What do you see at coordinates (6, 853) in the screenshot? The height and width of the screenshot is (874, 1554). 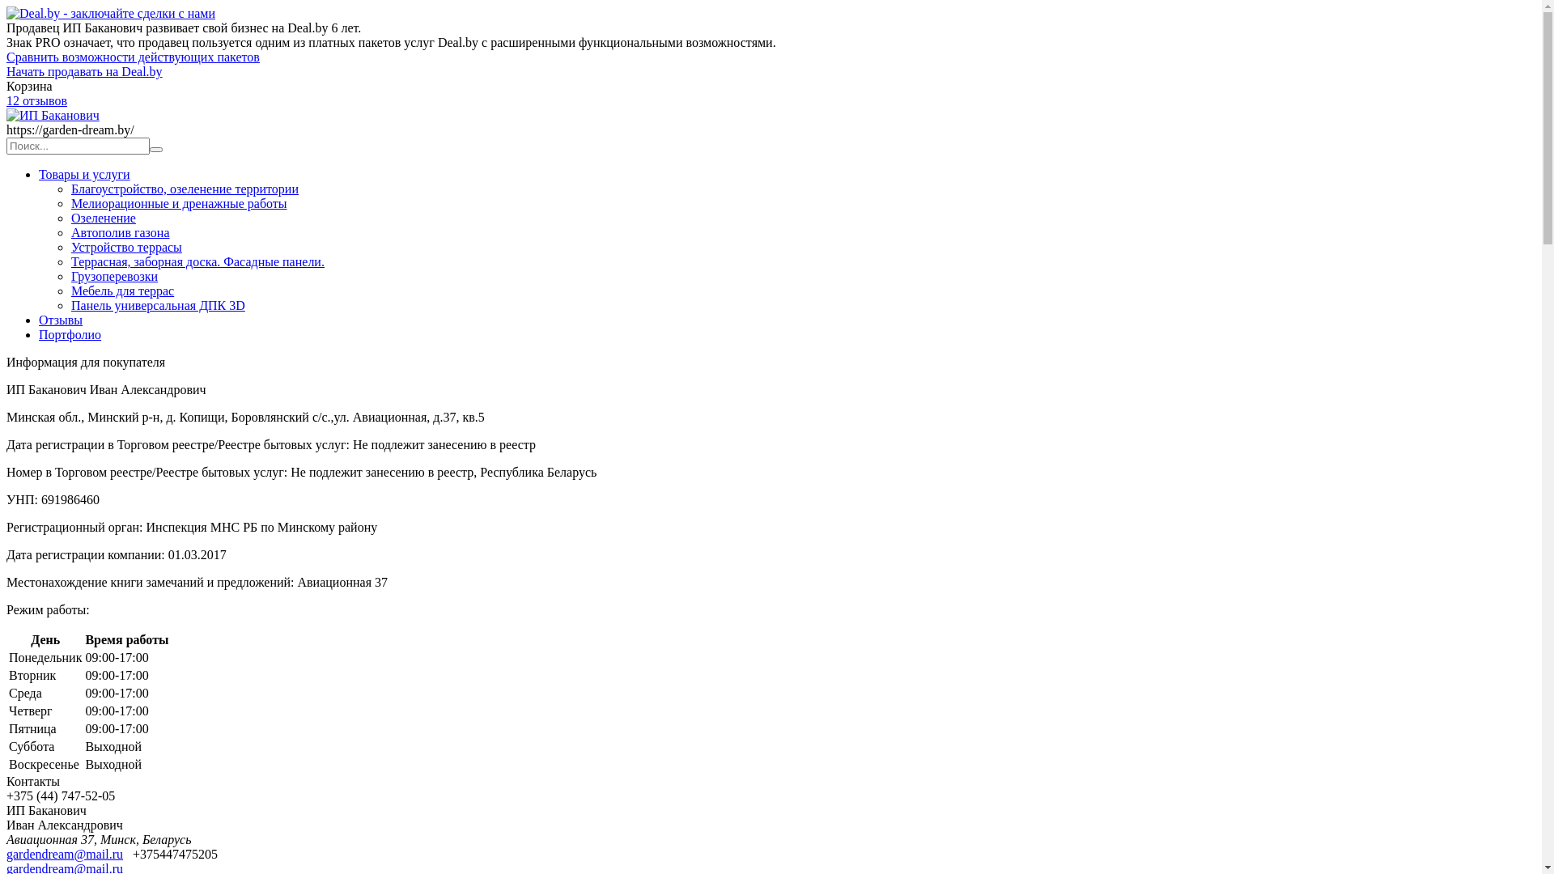 I see `'gardendream@mail.ru'` at bounding box center [6, 853].